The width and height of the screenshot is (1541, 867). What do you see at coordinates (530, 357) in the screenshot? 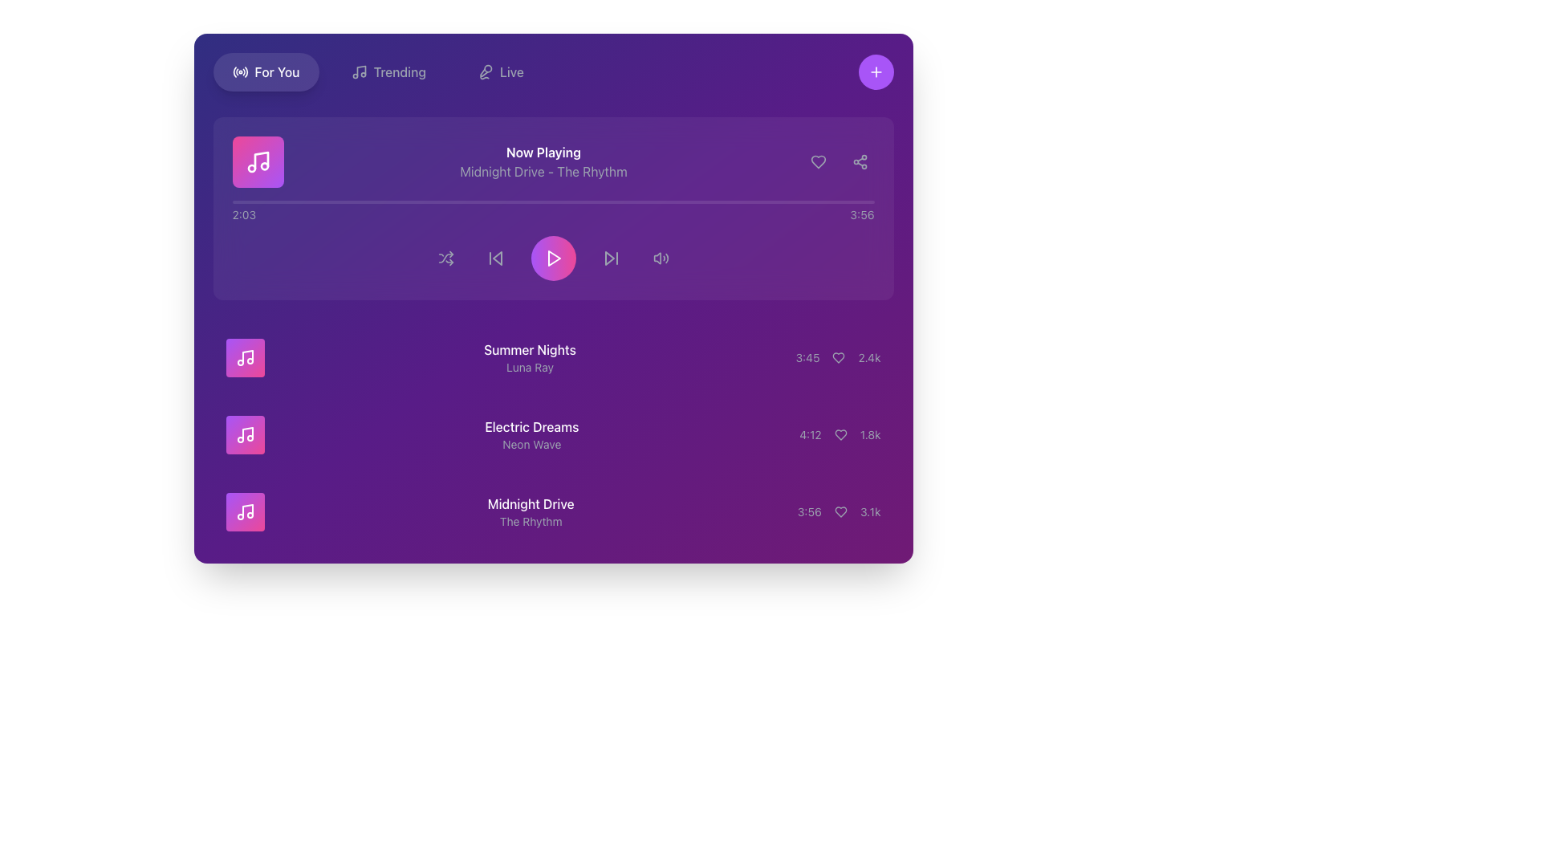
I see `the text label representing the title and artist of the song in the playlist` at bounding box center [530, 357].